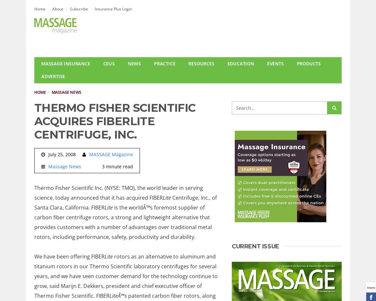 This screenshot has height=301, width=376. What do you see at coordinates (293, 93) in the screenshot?
I see `'Become an Events Poster'` at bounding box center [293, 93].